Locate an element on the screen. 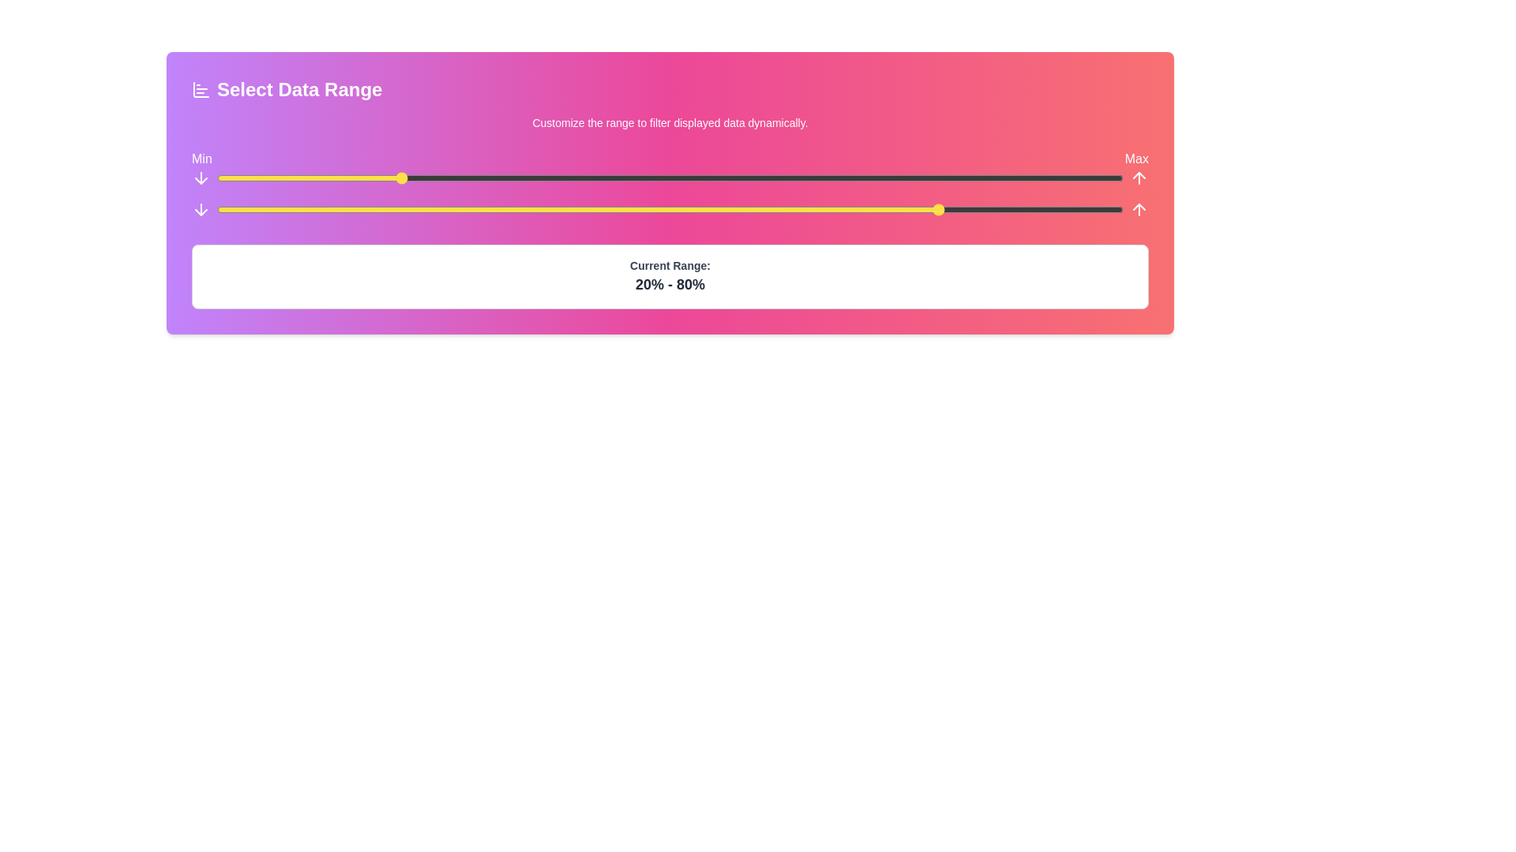  the arrow next to the slider to observe visual feedback is located at coordinates (200, 177).